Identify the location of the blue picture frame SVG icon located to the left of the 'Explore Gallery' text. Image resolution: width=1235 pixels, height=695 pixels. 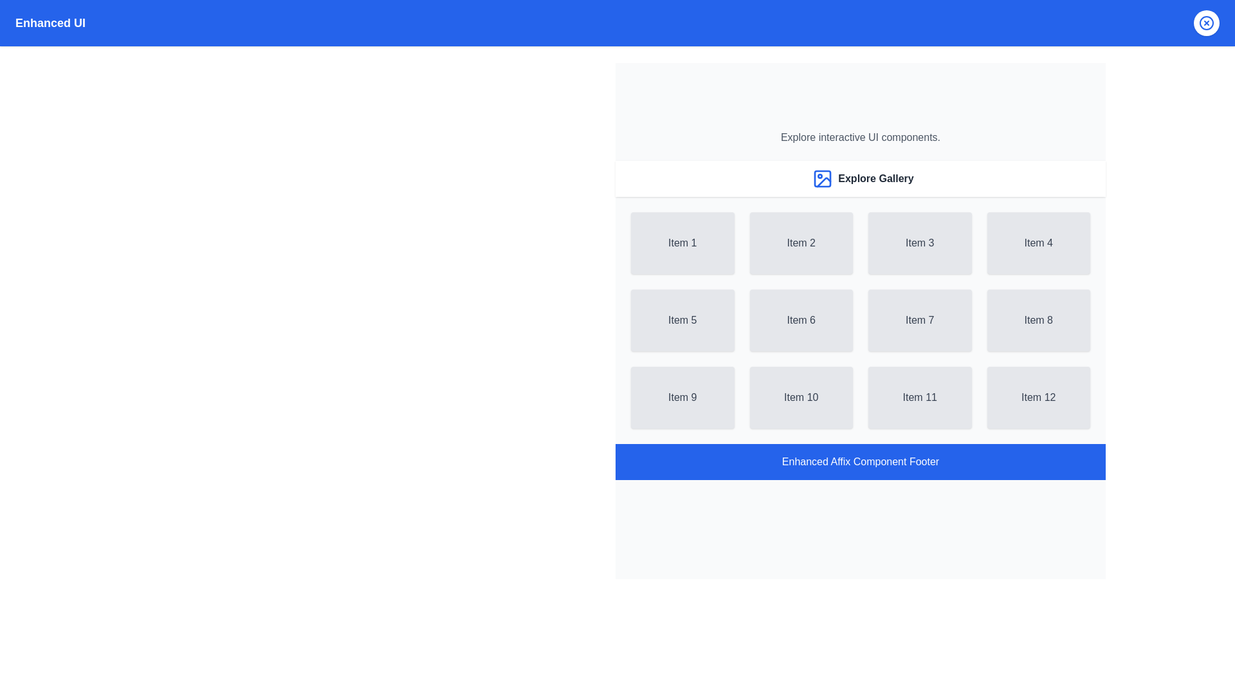
(822, 178).